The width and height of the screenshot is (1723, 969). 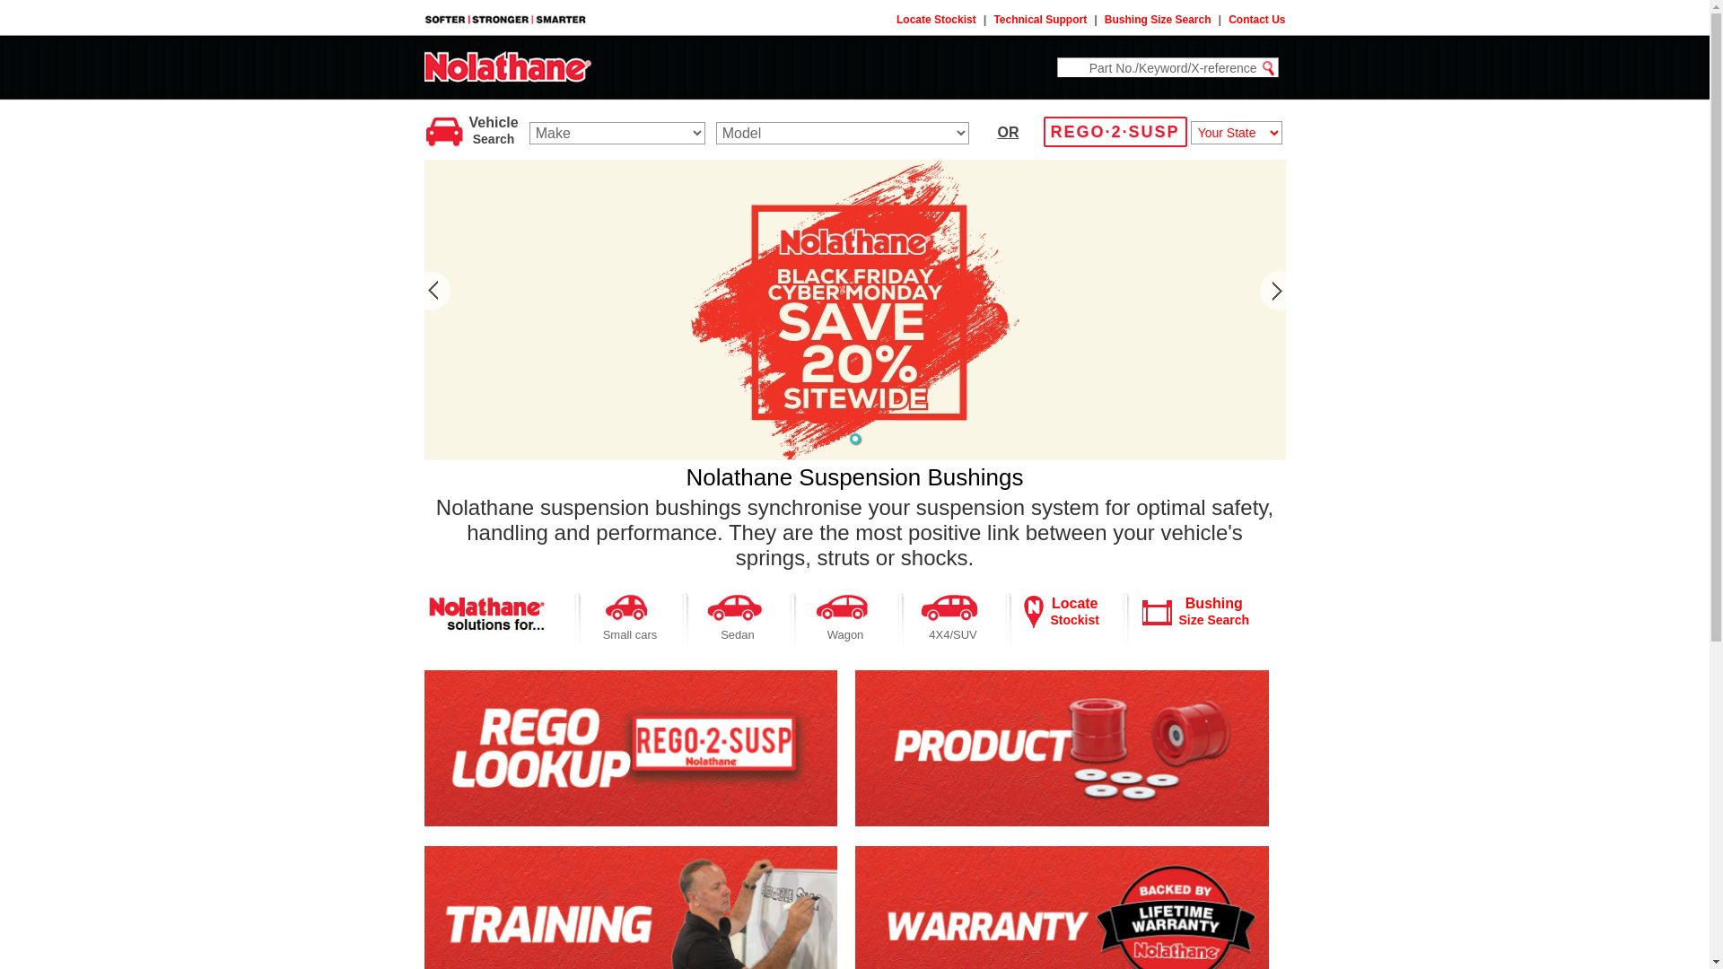 What do you see at coordinates (844, 633) in the screenshot?
I see `'Wagon'` at bounding box center [844, 633].